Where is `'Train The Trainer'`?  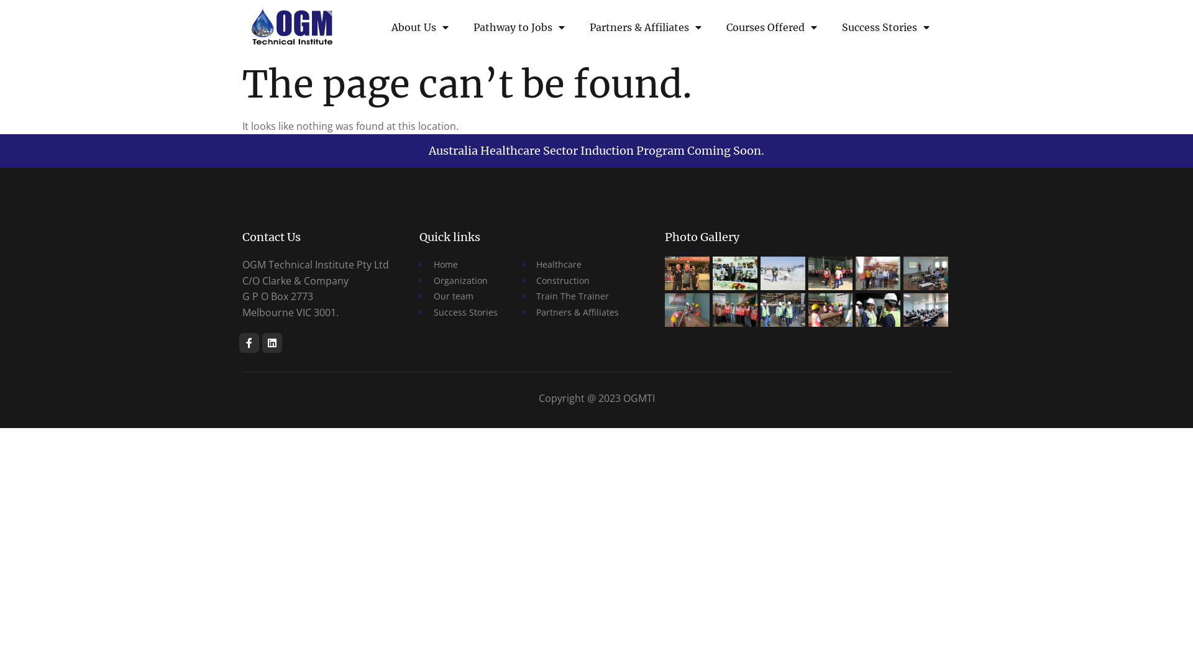 'Train The Trainer' is located at coordinates (569, 296).